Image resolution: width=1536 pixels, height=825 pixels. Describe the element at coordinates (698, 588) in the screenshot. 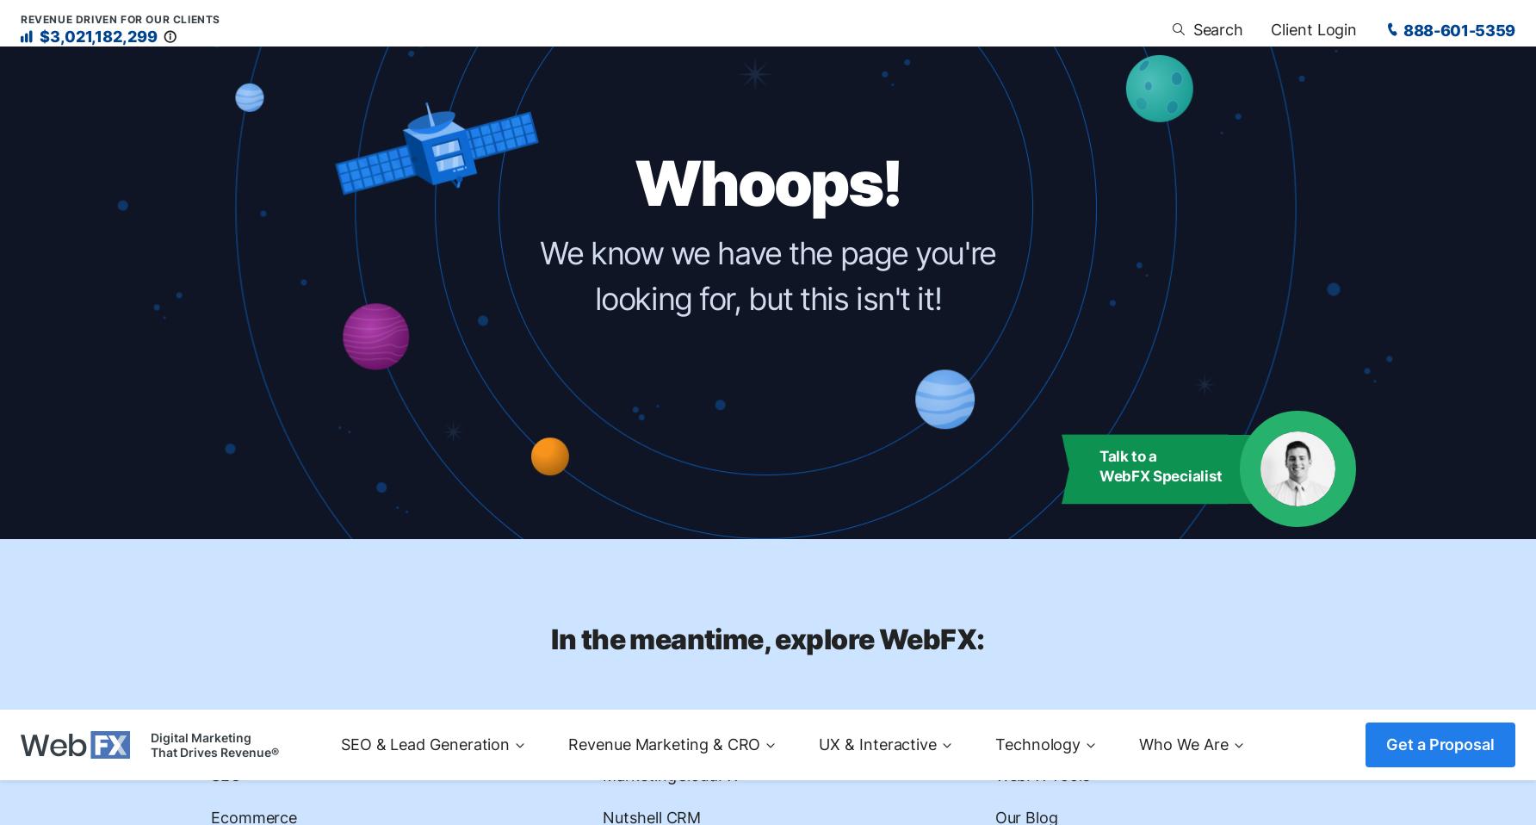

I see `'WebFX has been a pleasure to work with on our SEO needs and I look forward to working with them on future projects.'` at that location.